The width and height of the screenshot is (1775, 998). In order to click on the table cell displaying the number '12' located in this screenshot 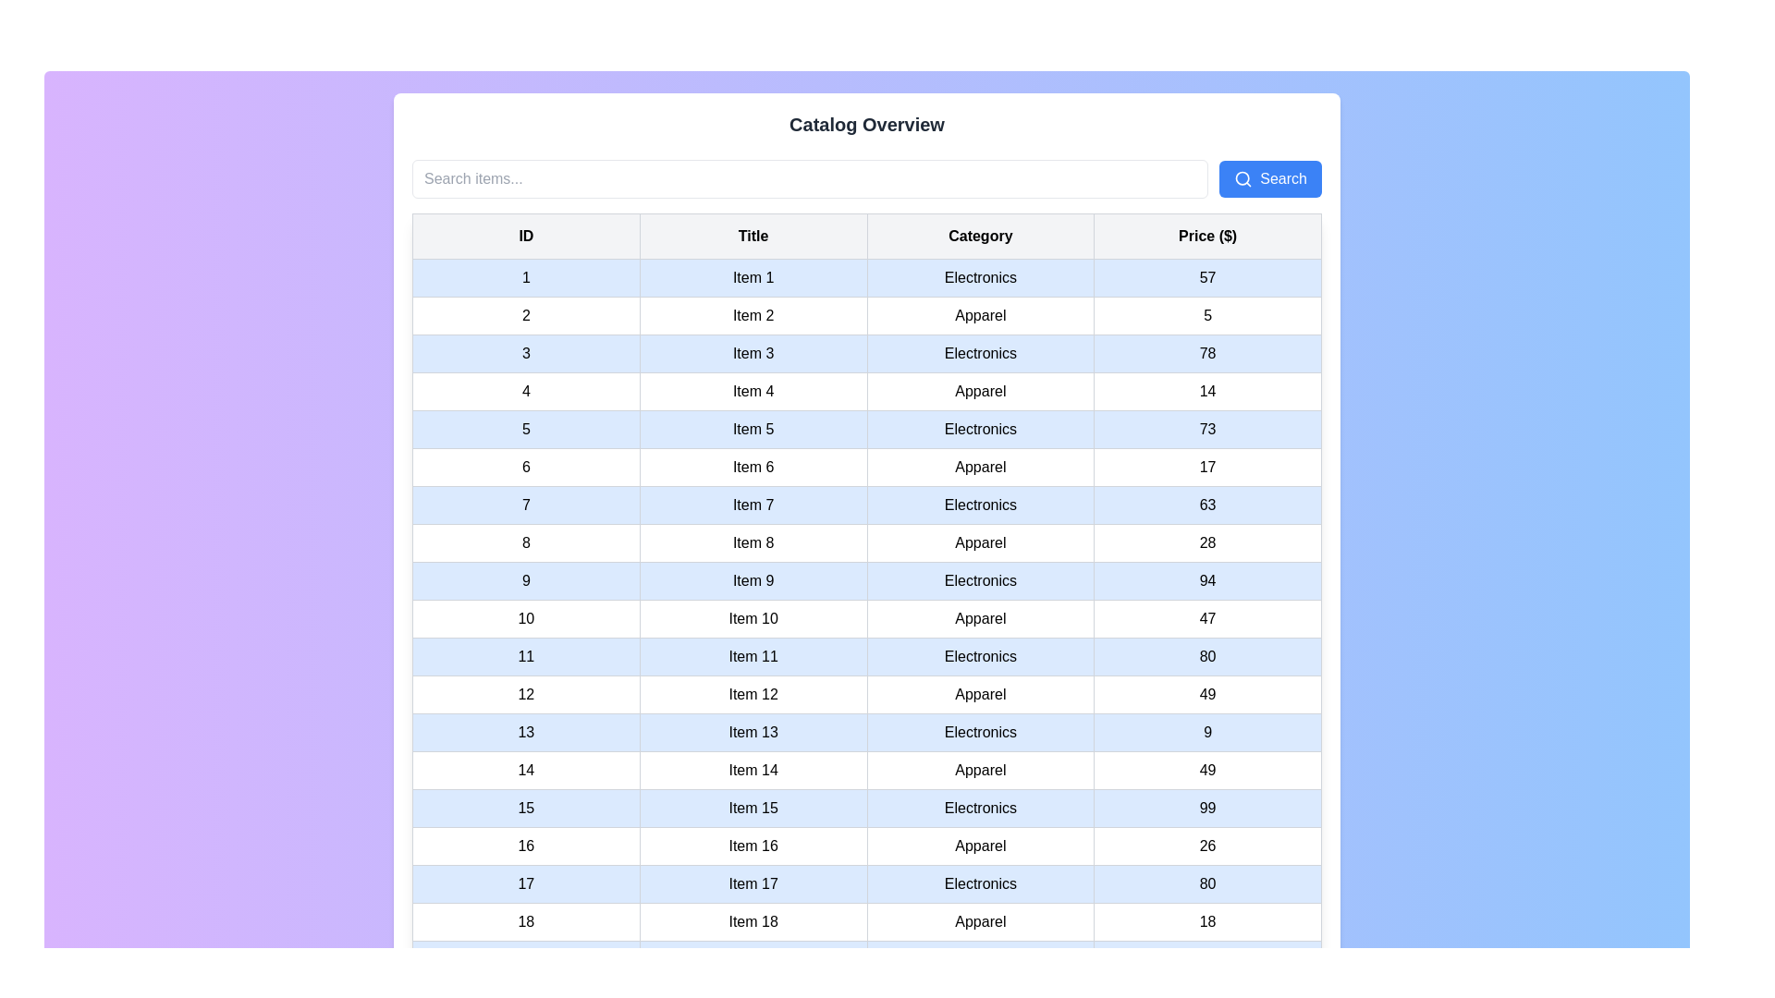, I will do `click(525, 695)`.